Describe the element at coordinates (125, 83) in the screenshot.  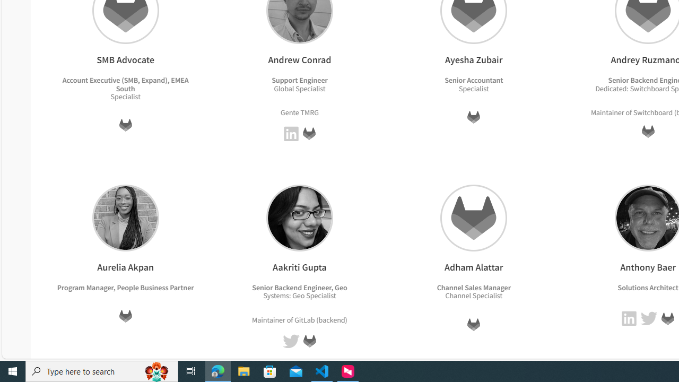
I see `'Account Executive (SMB, Expand), EMEA South'` at that location.